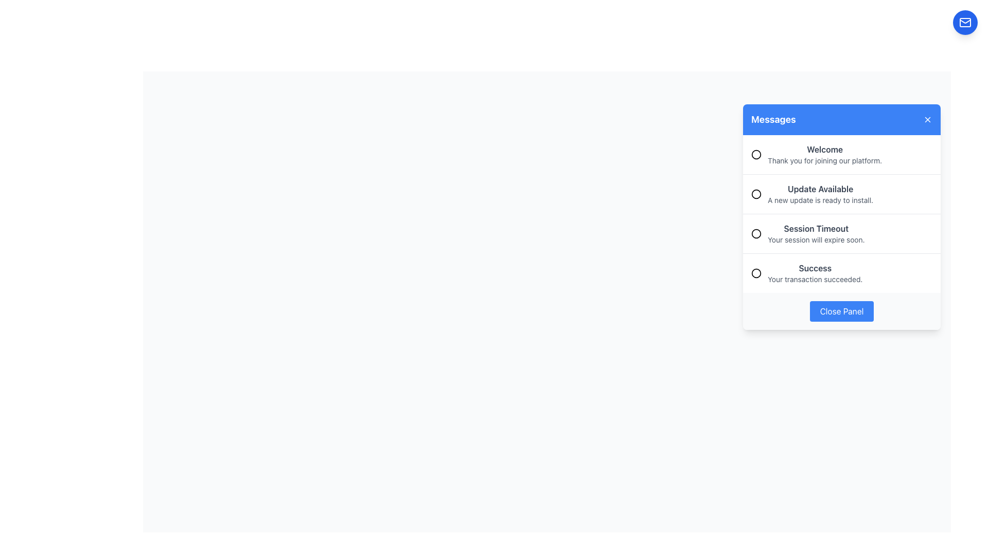 Image resolution: width=988 pixels, height=555 pixels. Describe the element at coordinates (815, 267) in the screenshot. I see `the 'Success' text label, which is a bold, dark gray label positioned under a radio button in a right-aligned content panel` at that location.